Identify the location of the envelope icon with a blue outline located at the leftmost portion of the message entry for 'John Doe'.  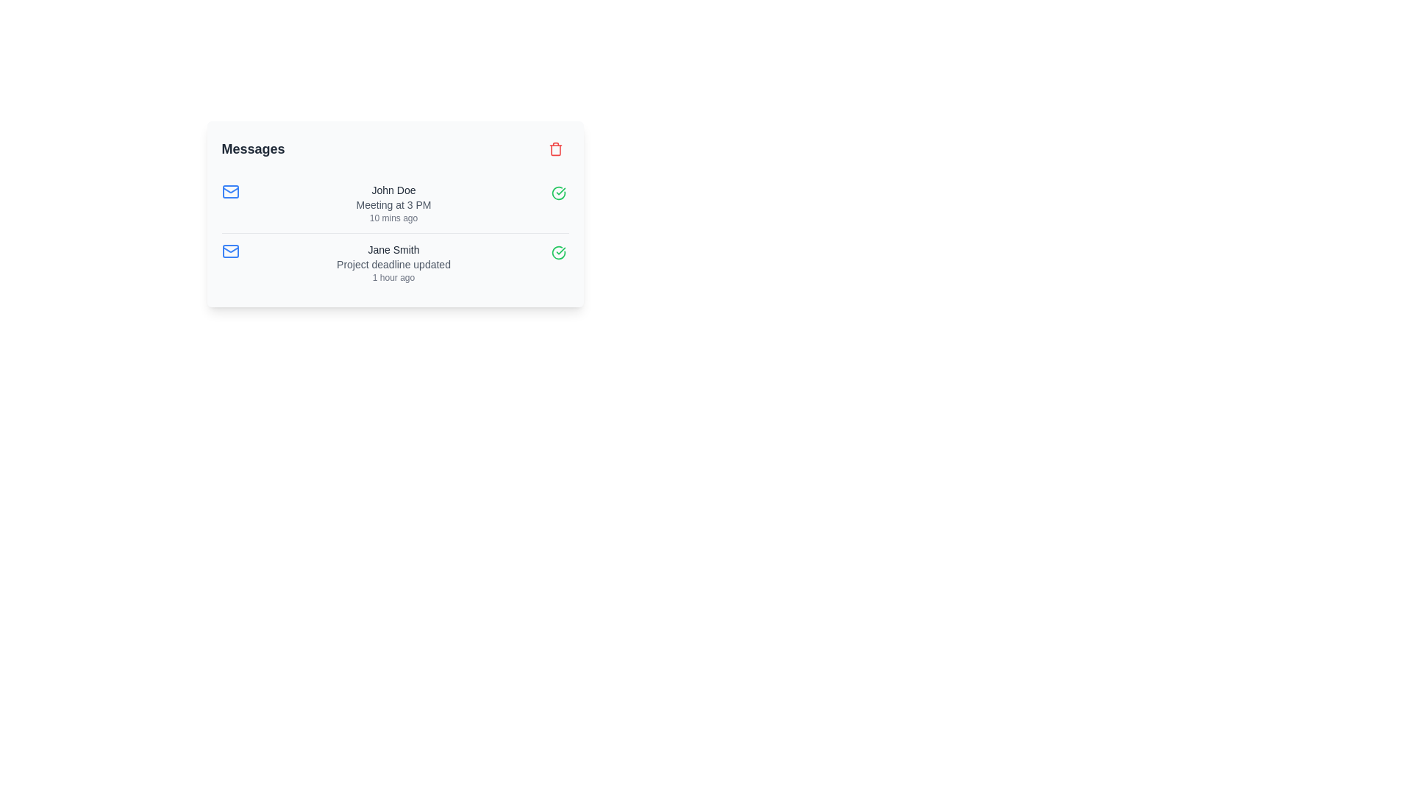
(229, 191).